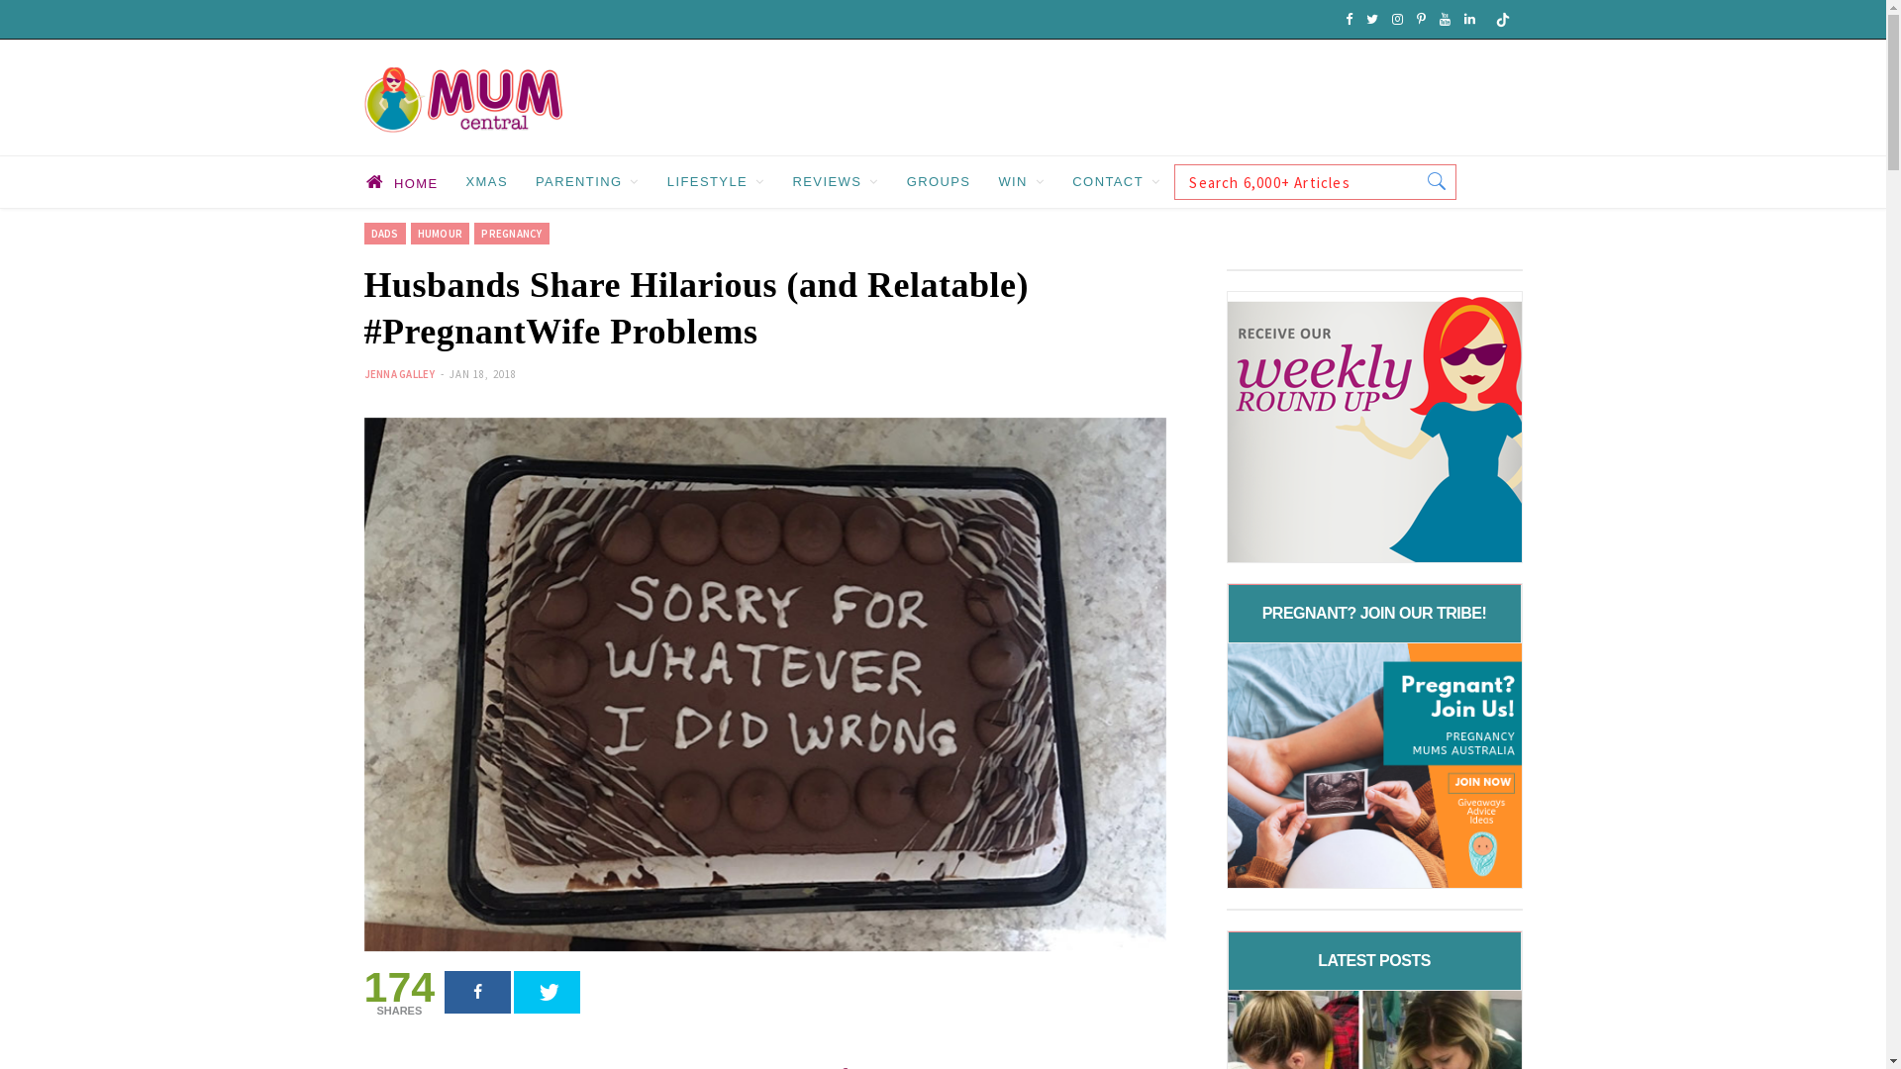 The height and width of the screenshot is (1069, 1901). Describe the element at coordinates (384, 232) in the screenshot. I see `'DADS'` at that location.